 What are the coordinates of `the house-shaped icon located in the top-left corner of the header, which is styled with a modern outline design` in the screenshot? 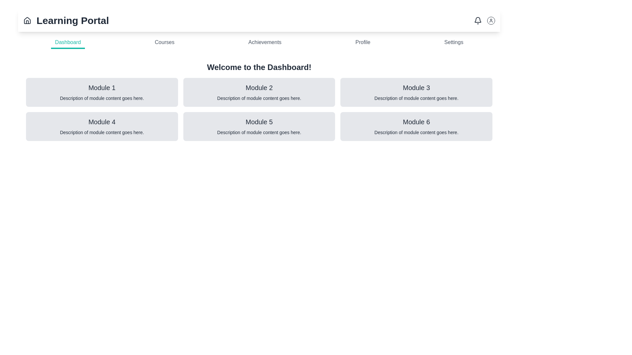 It's located at (27, 20).